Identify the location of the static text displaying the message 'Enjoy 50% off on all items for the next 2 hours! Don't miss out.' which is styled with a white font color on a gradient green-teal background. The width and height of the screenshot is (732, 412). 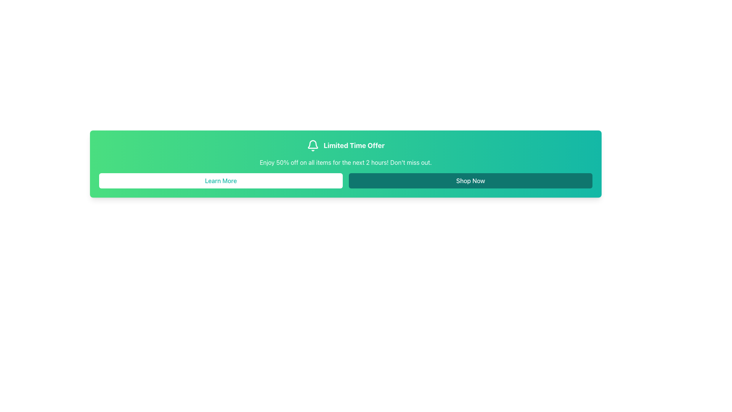
(345, 162).